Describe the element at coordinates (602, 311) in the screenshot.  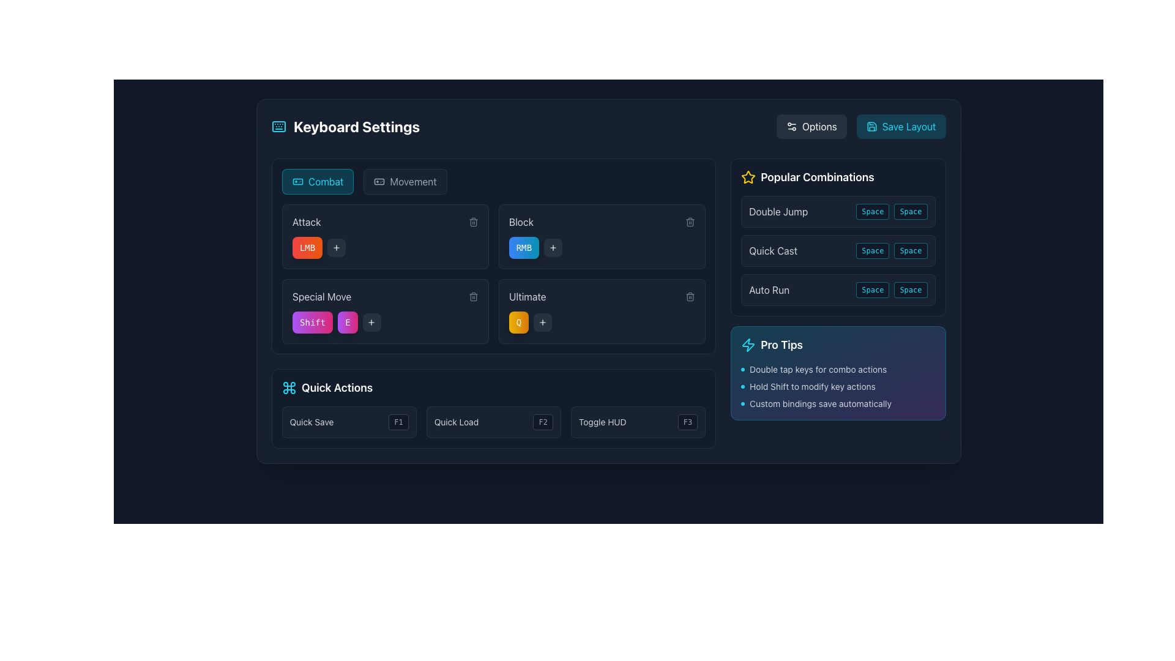
I see `the 'Ultimate' panel with a dark gray background and rounded corners` at that location.